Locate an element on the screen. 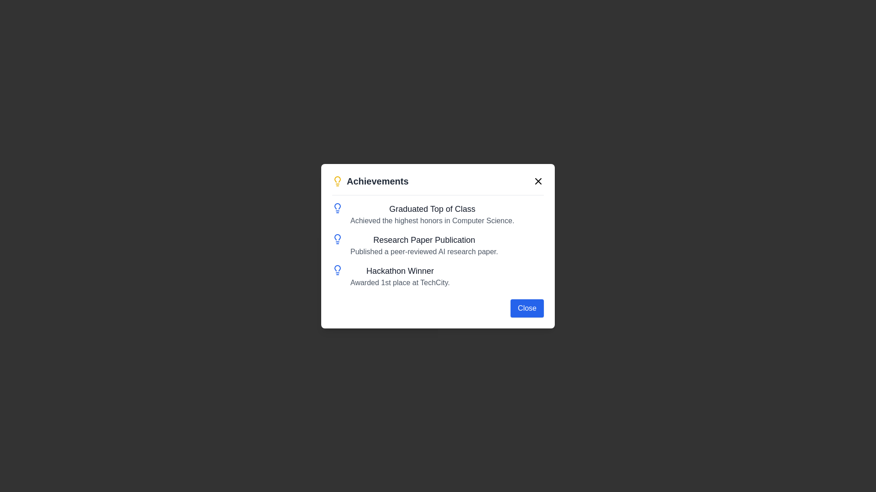  the lightbulb SVG decorative icon that symbolizes 'Achievements', located to the left of the text 'Achievements' is located at coordinates (337, 181).